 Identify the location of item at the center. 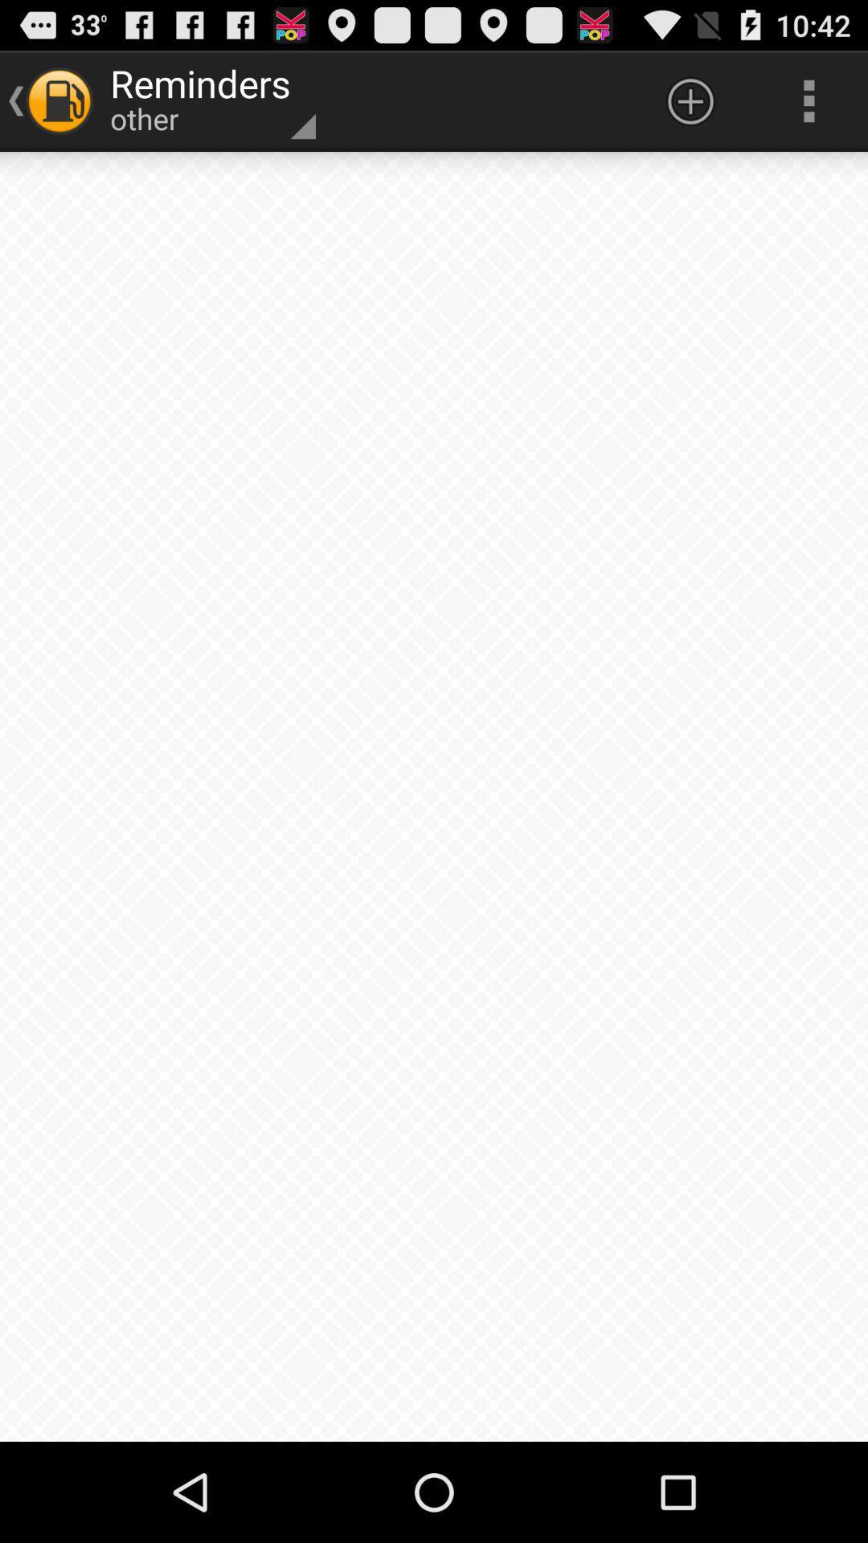
(434, 796).